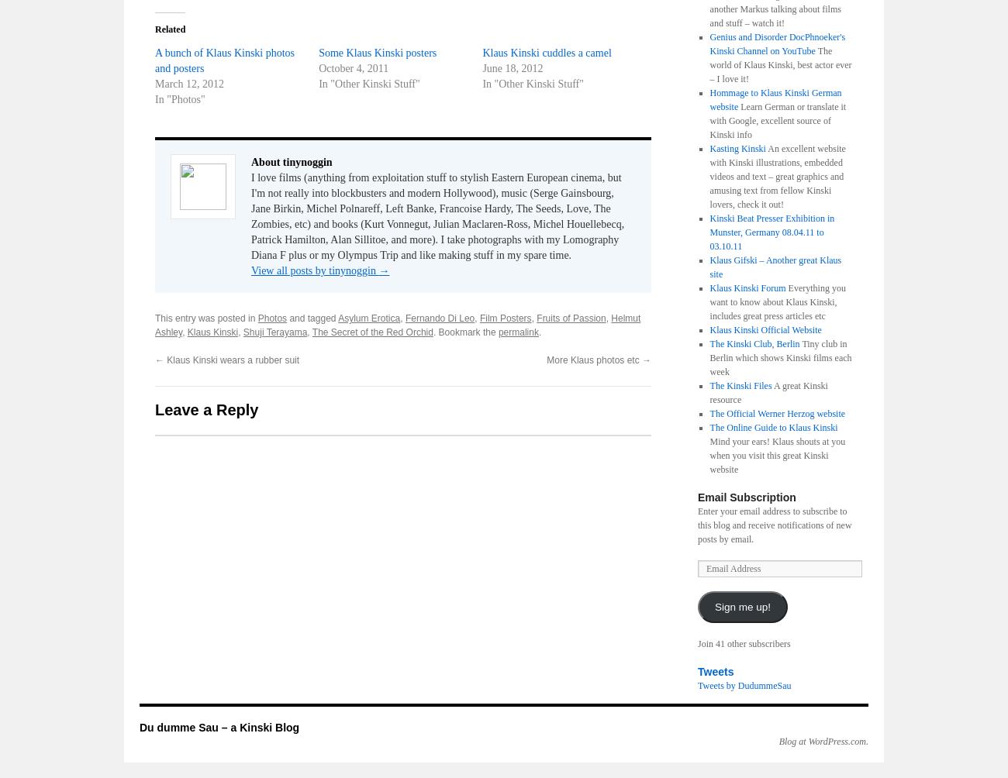  What do you see at coordinates (708, 120) in the screenshot?
I see `'Learn German or translate it with Google, excellent source of Kinski info'` at bounding box center [708, 120].